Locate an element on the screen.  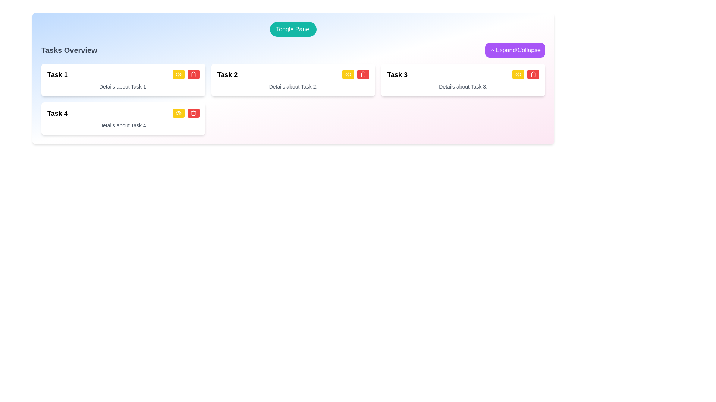
the preview icon located on the right side of the box labeled 'Task 3', which is the first icon in the yellow button's icon list is located at coordinates (518, 74).